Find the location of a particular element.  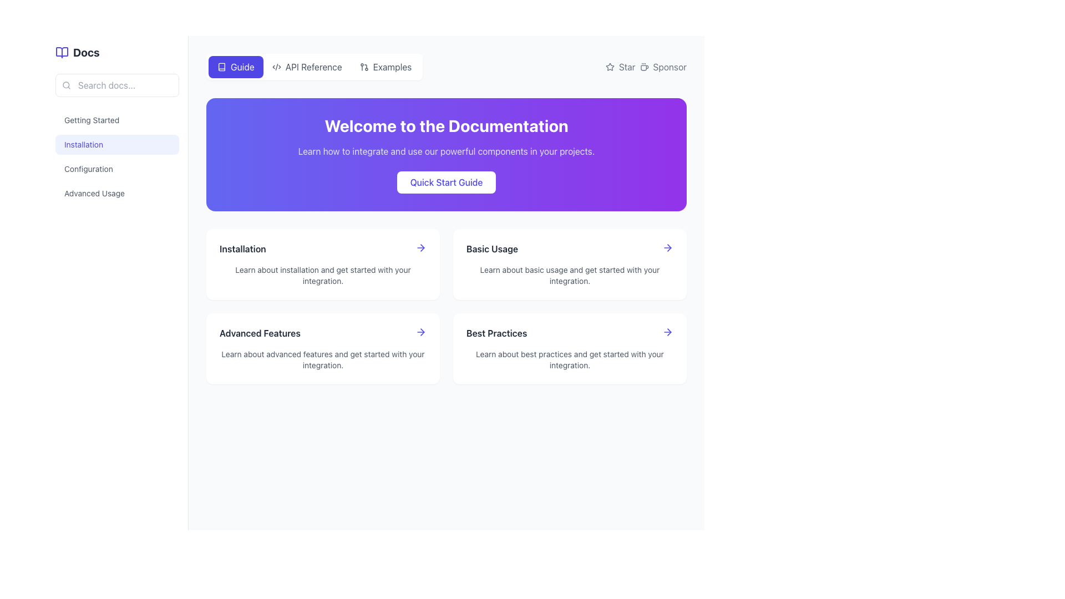

the small star-shaped icon with a dark gray outline located next to the text 'Star' in the top-right section of the page is located at coordinates (609, 67).